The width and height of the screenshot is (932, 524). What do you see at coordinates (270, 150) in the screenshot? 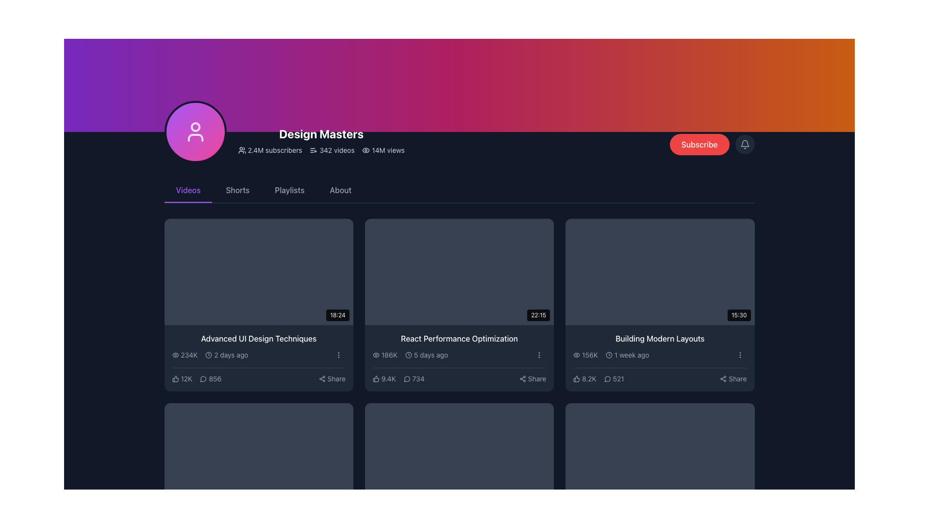
I see `the Statistic display showing '2.4M subscribers' with a user groups icon, positioned below the 'Design Masters' channel name` at bounding box center [270, 150].